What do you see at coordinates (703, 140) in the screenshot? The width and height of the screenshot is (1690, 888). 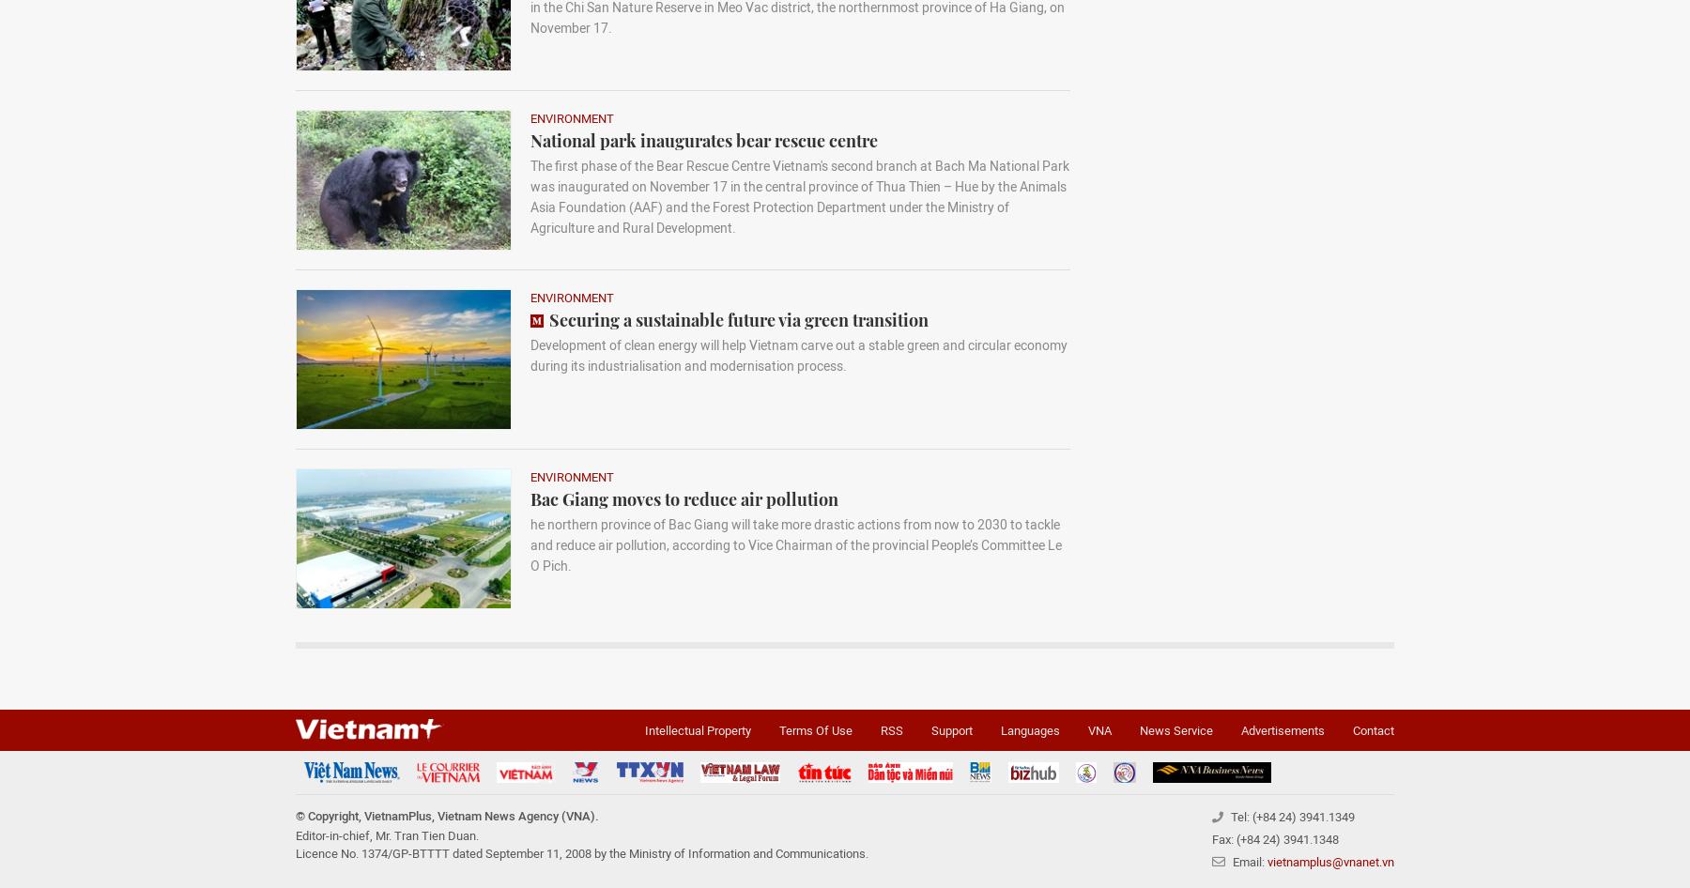 I see `'National park inaugurates bear rescue centre'` at bounding box center [703, 140].